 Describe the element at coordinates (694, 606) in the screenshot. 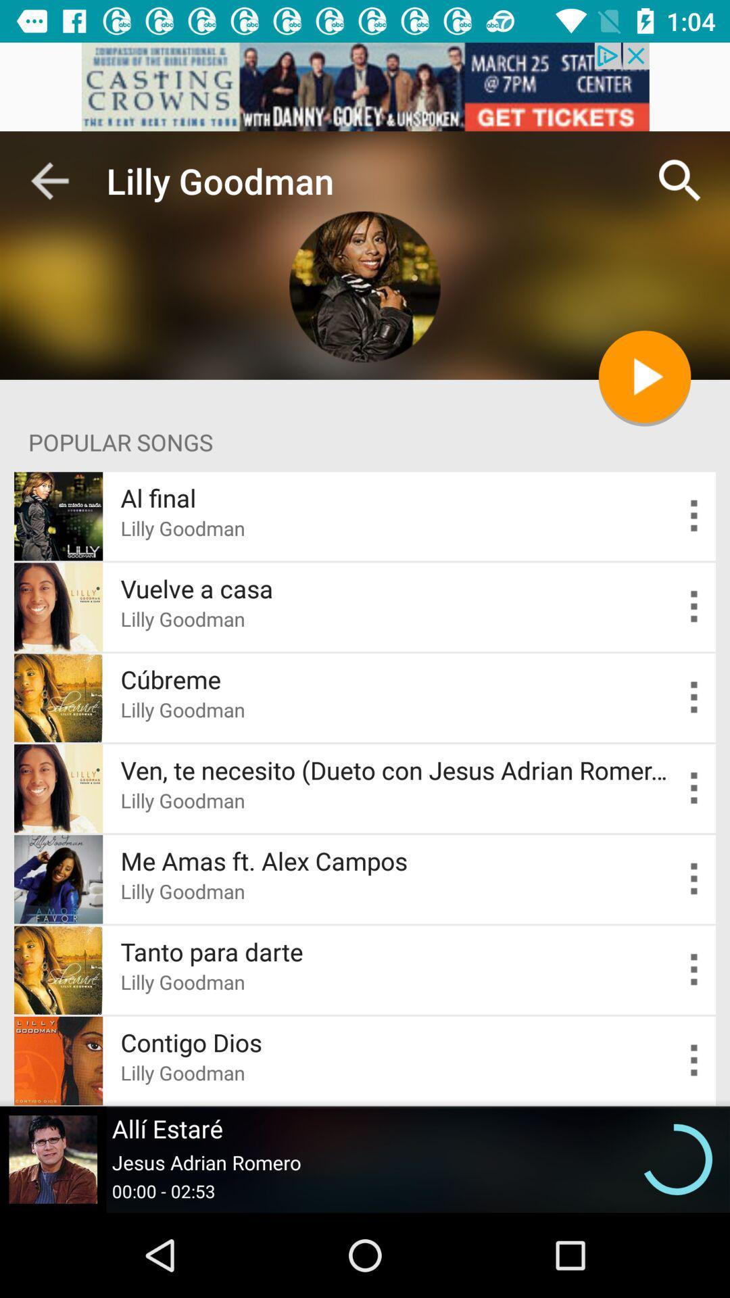

I see `the more icon` at that location.